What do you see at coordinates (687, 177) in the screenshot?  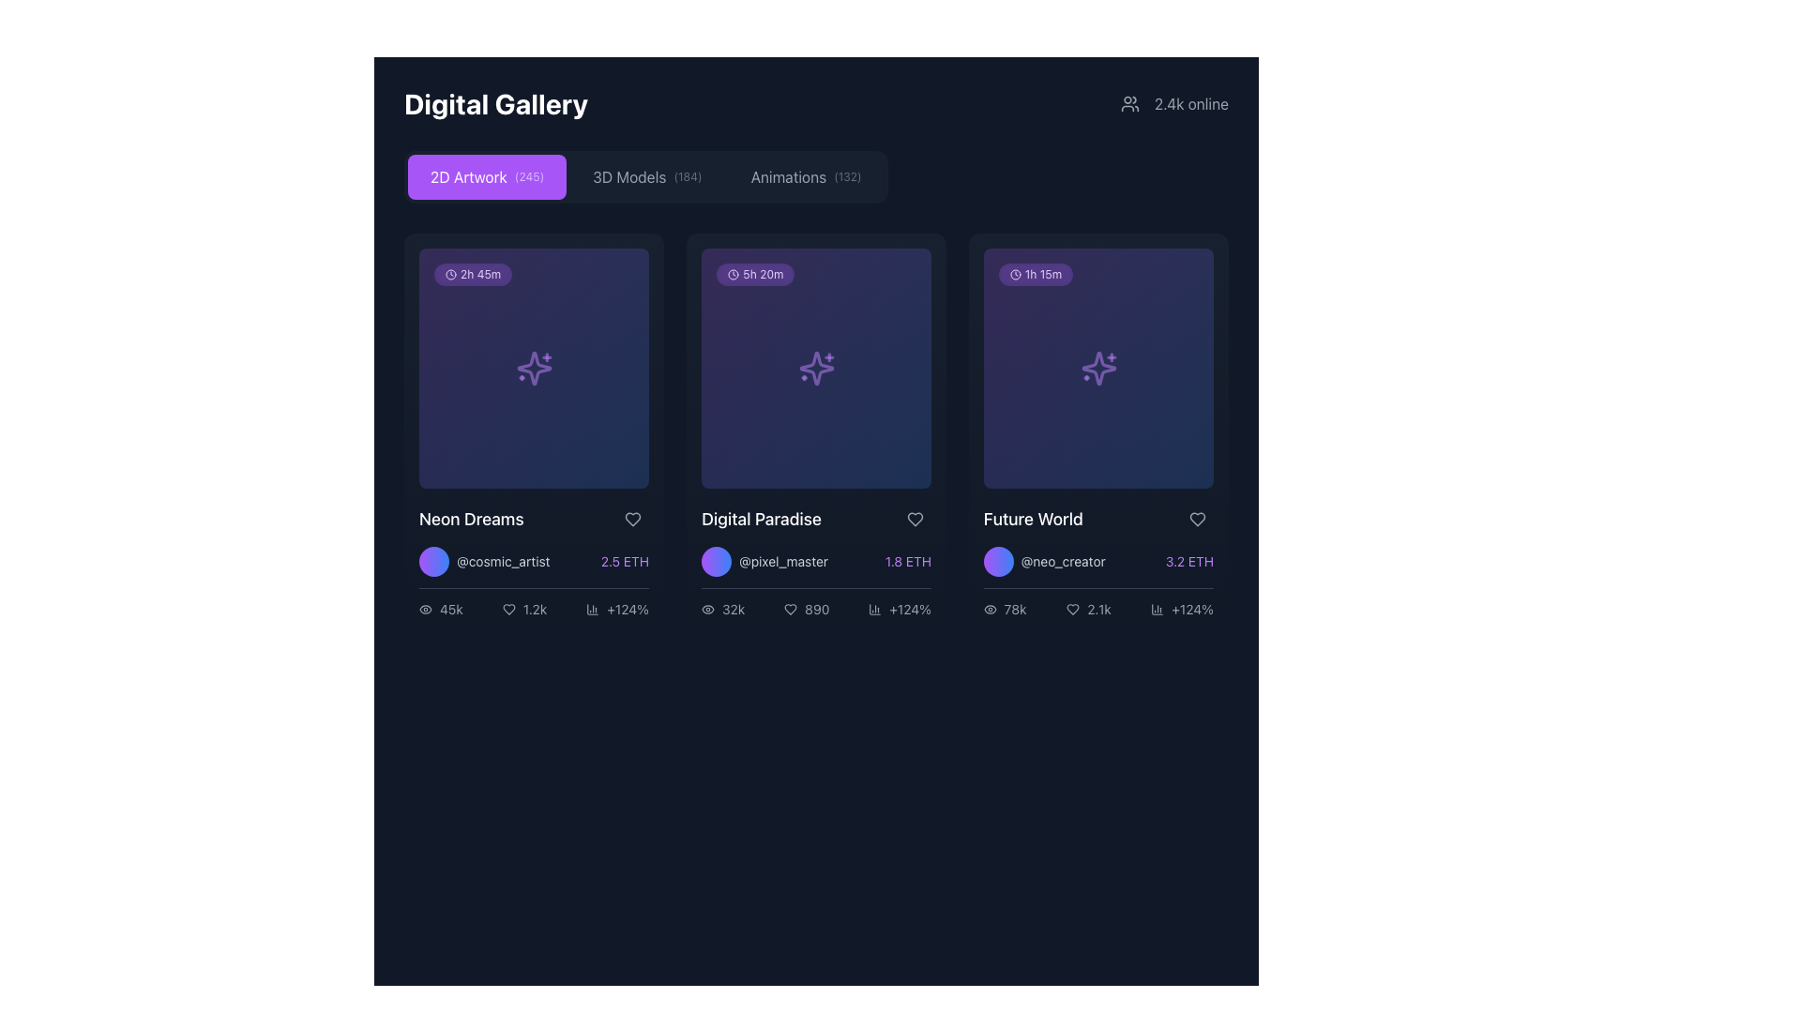 I see `number displayed on the text label indicating the number of items available in the '3D Models' category, located to the right of the '3D Models' text in the navigation bar below the 'Digital Gallery' header` at bounding box center [687, 177].